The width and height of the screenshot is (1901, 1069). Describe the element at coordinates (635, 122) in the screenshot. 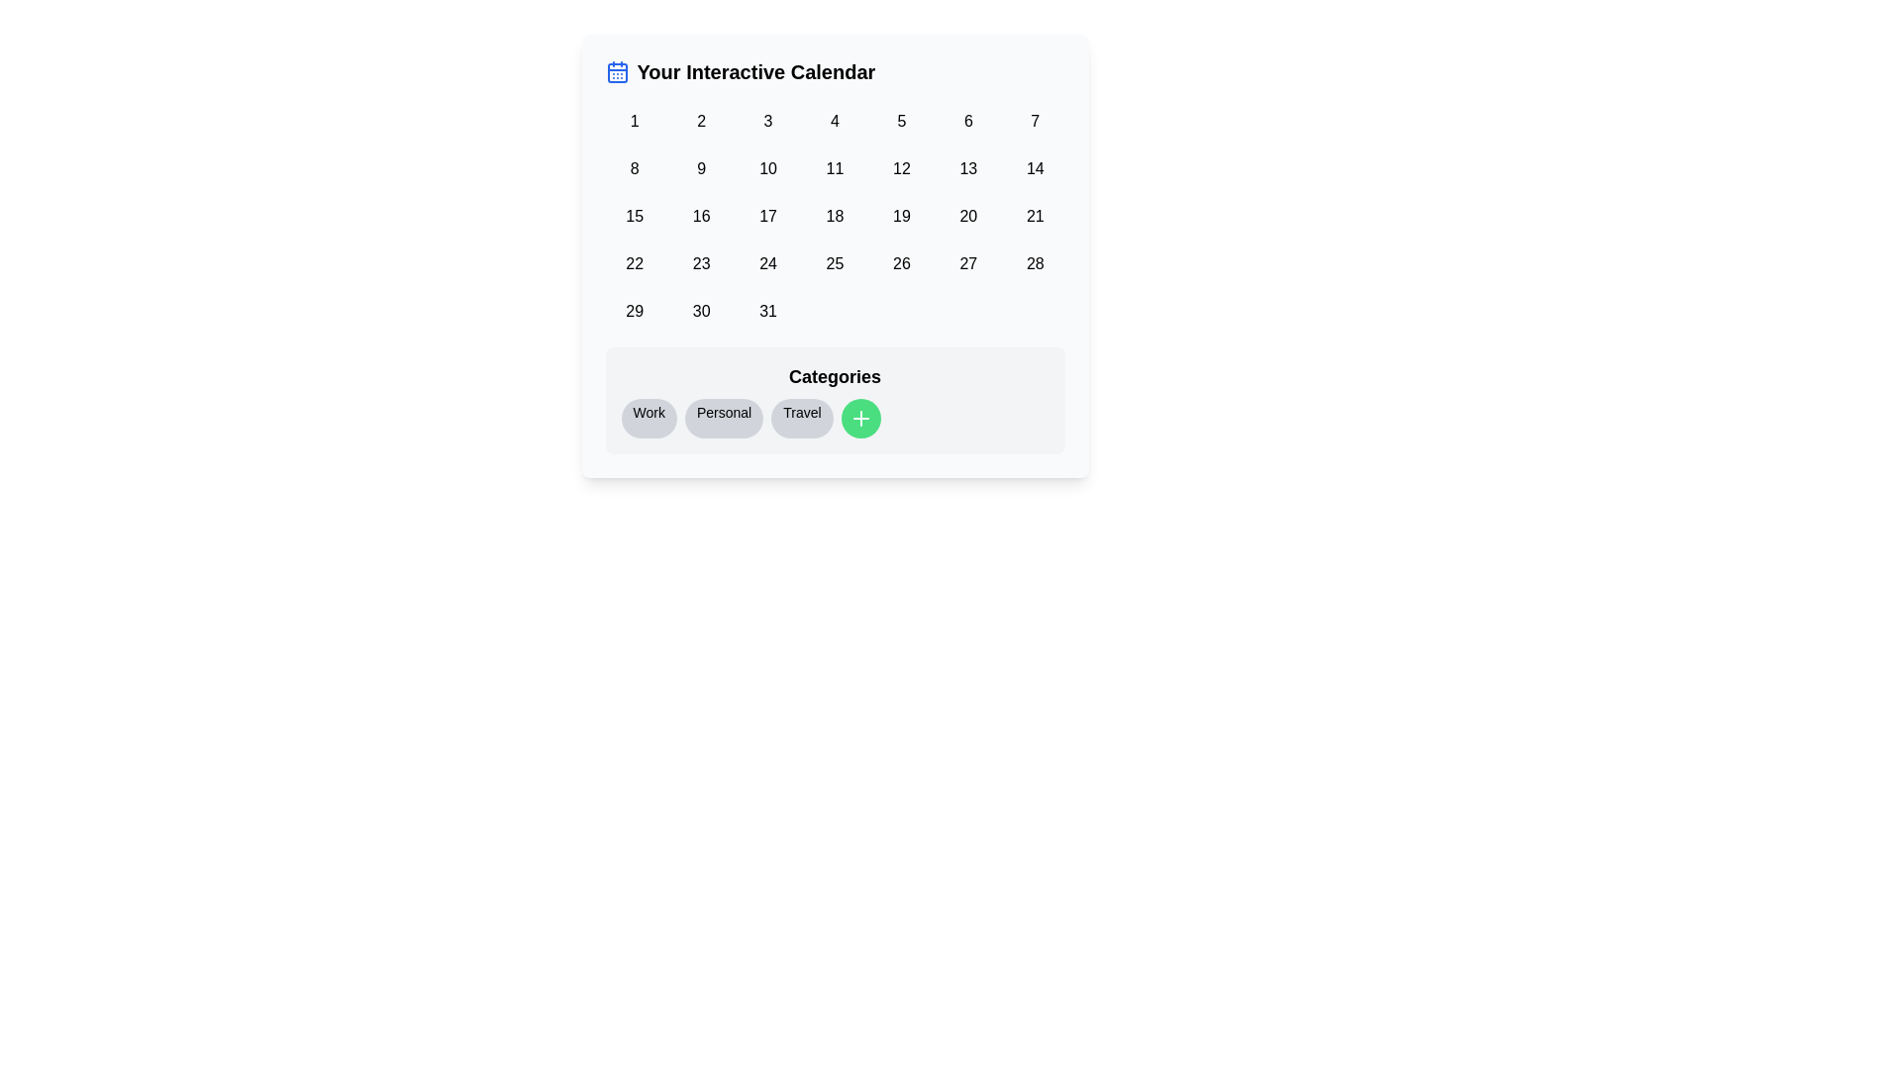

I see `the button representing the first day of the month in the calendar` at that location.